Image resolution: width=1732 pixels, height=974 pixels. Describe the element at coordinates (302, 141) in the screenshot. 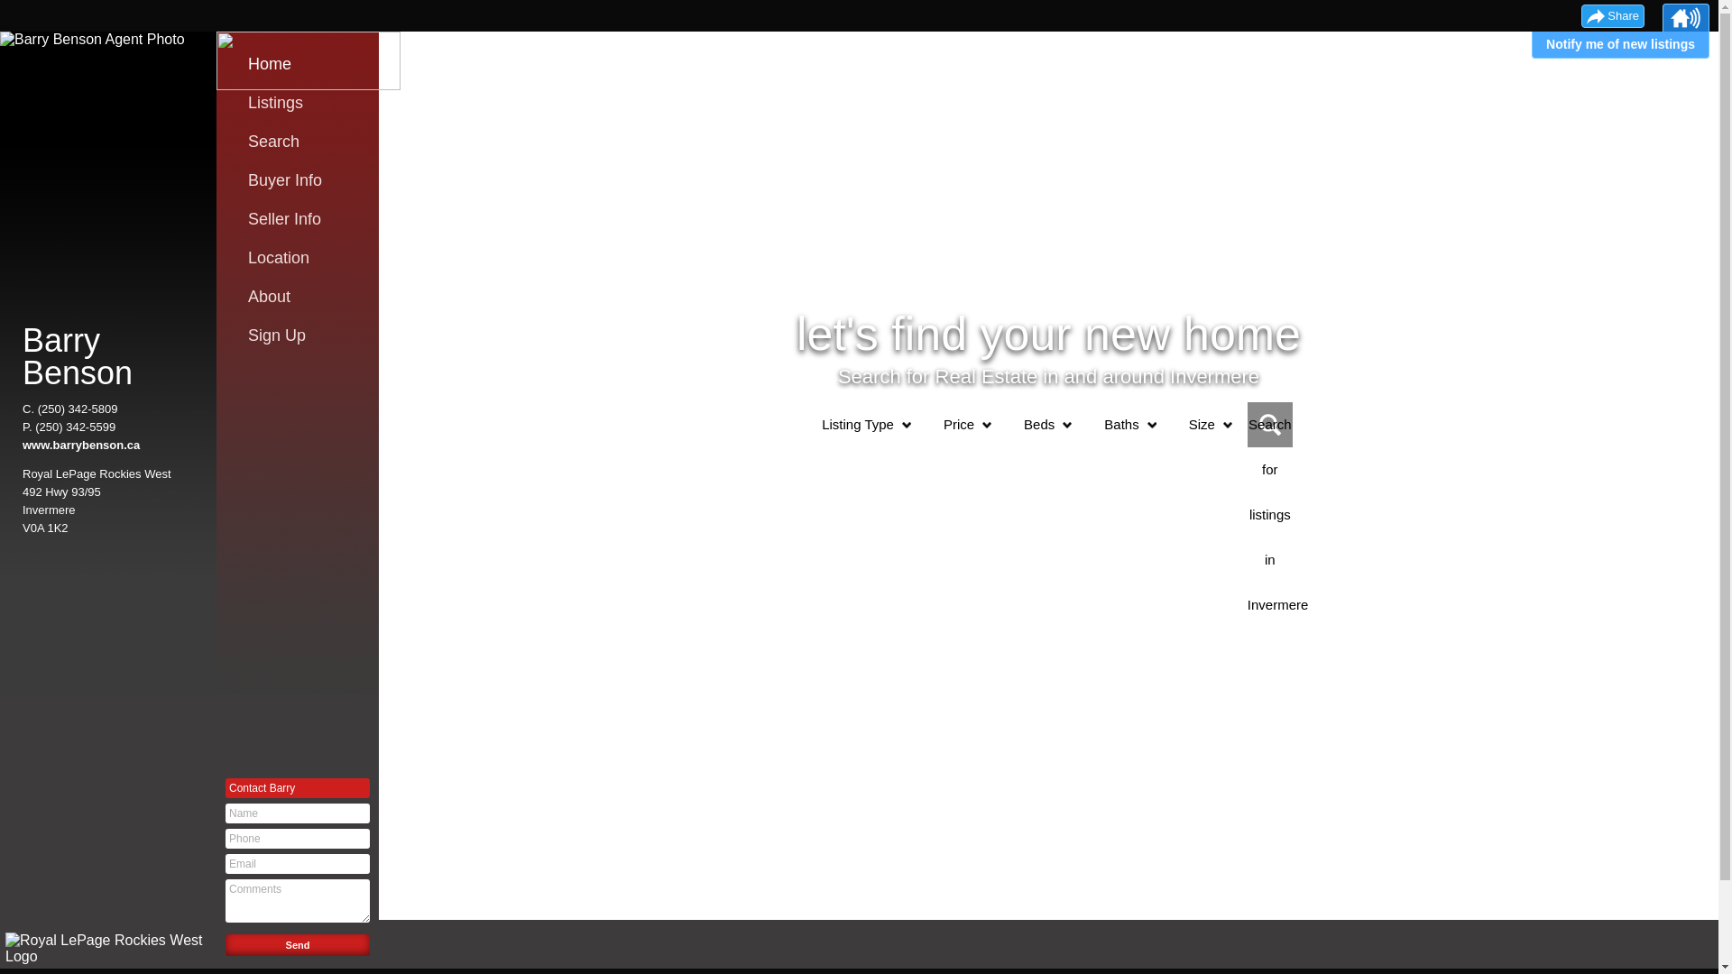

I see `'Search'` at that location.